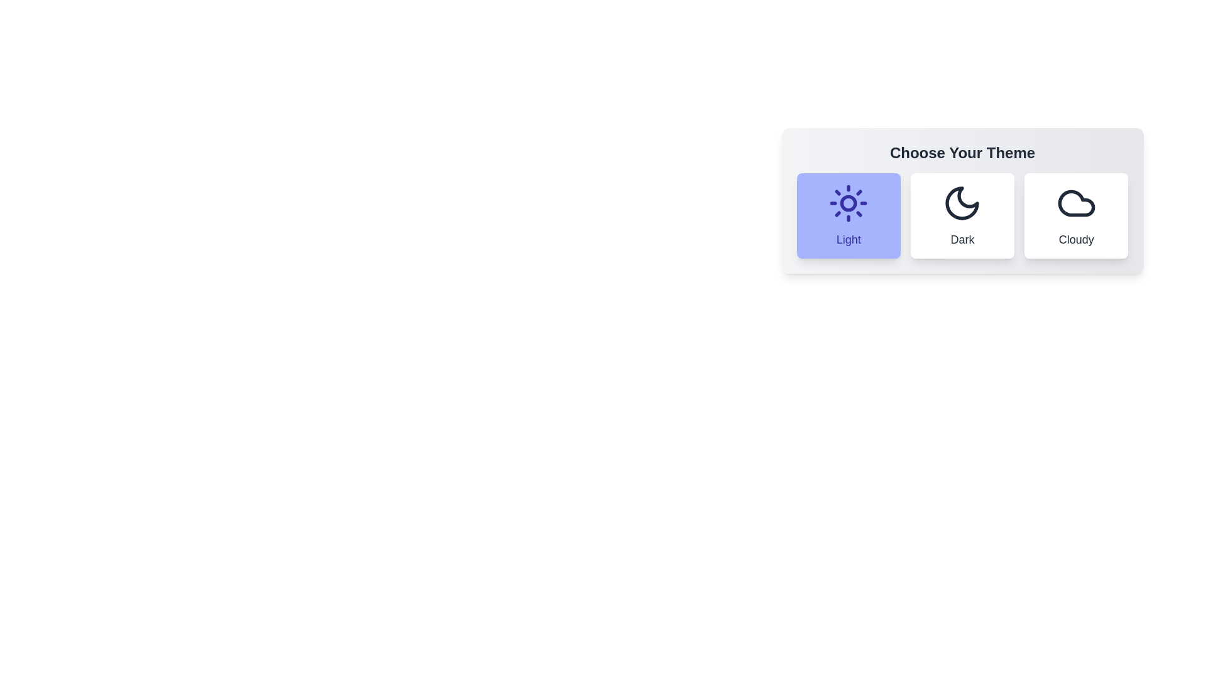 The height and width of the screenshot is (678, 1206). What do you see at coordinates (849, 203) in the screenshot?
I see `the central circular component of the sun icon, which represents the light theme option in the theme selector, located to the left of the 'Dark' and 'Cloudy' icons` at bounding box center [849, 203].